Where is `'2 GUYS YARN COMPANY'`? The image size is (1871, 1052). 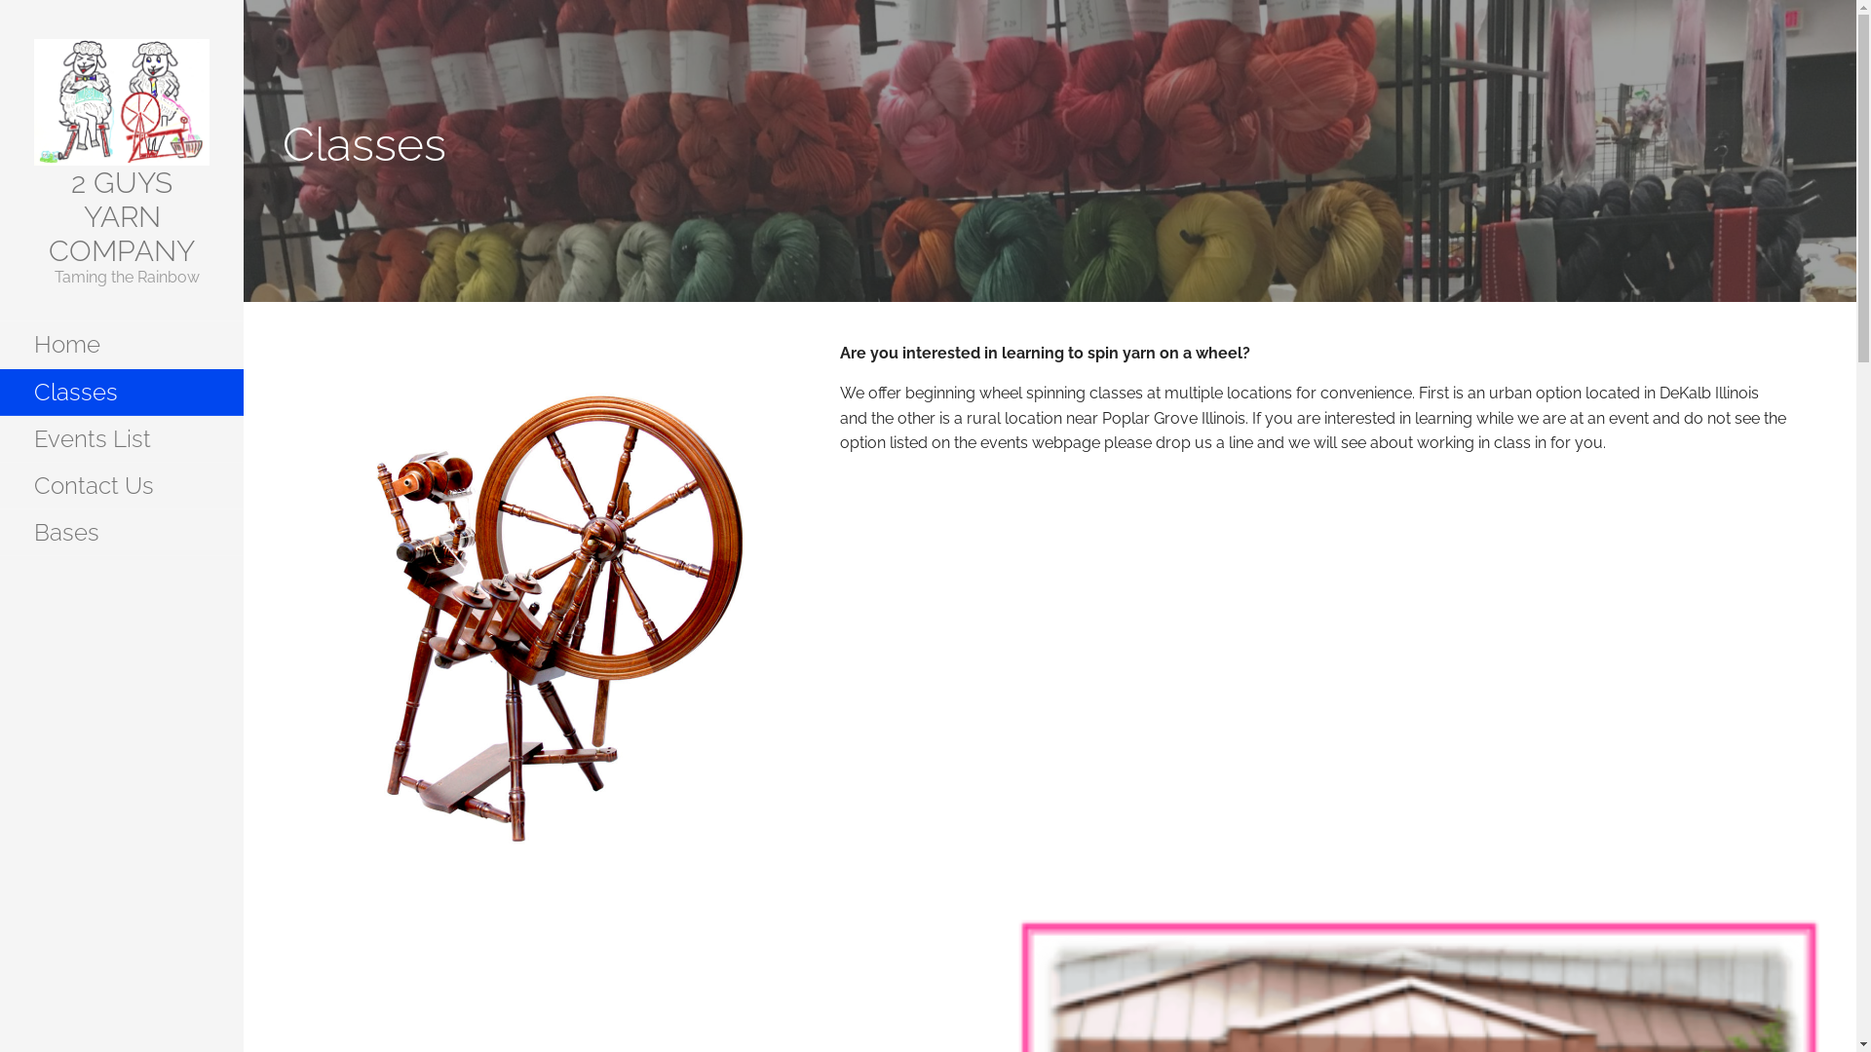 '2 GUYS YARN COMPANY' is located at coordinates (48, 216).